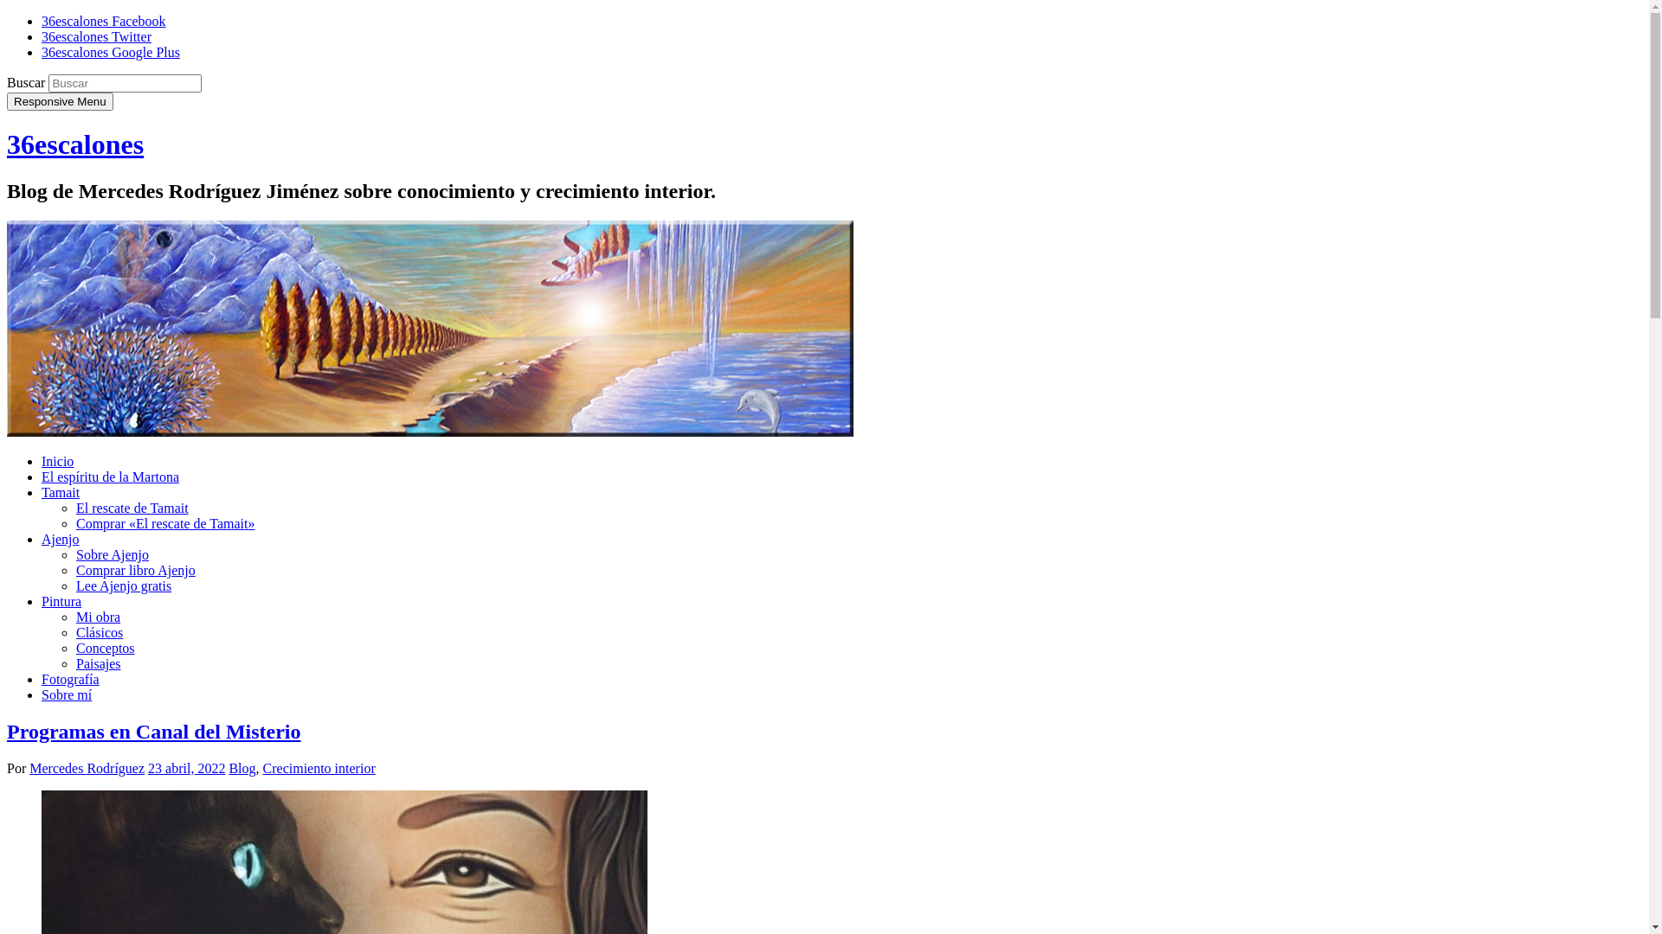  I want to click on 'Crecimiento interior', so click(319, 767).